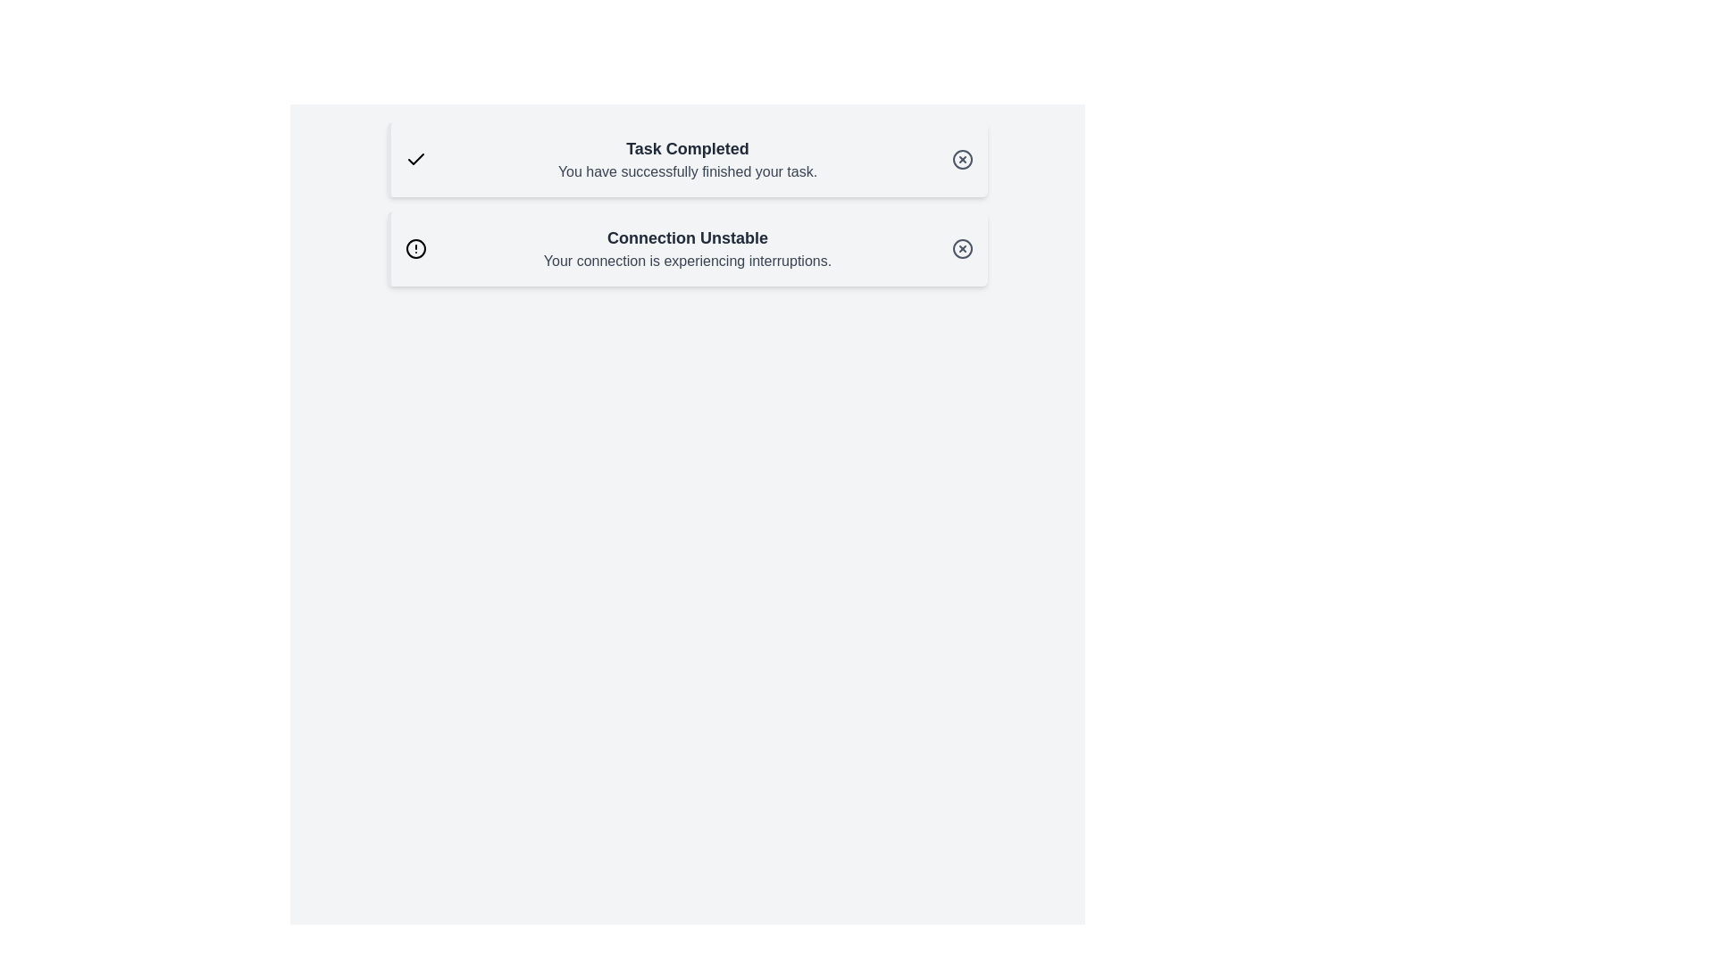 The height and width of the screenshot is (964, 1715). What do you see at coordinates (686, 248) in the screenshot?
I see `notification message that states 'Connection Unstable' and 'Your connection is experiencing interruptions.'` at bounding box center [686, 248].